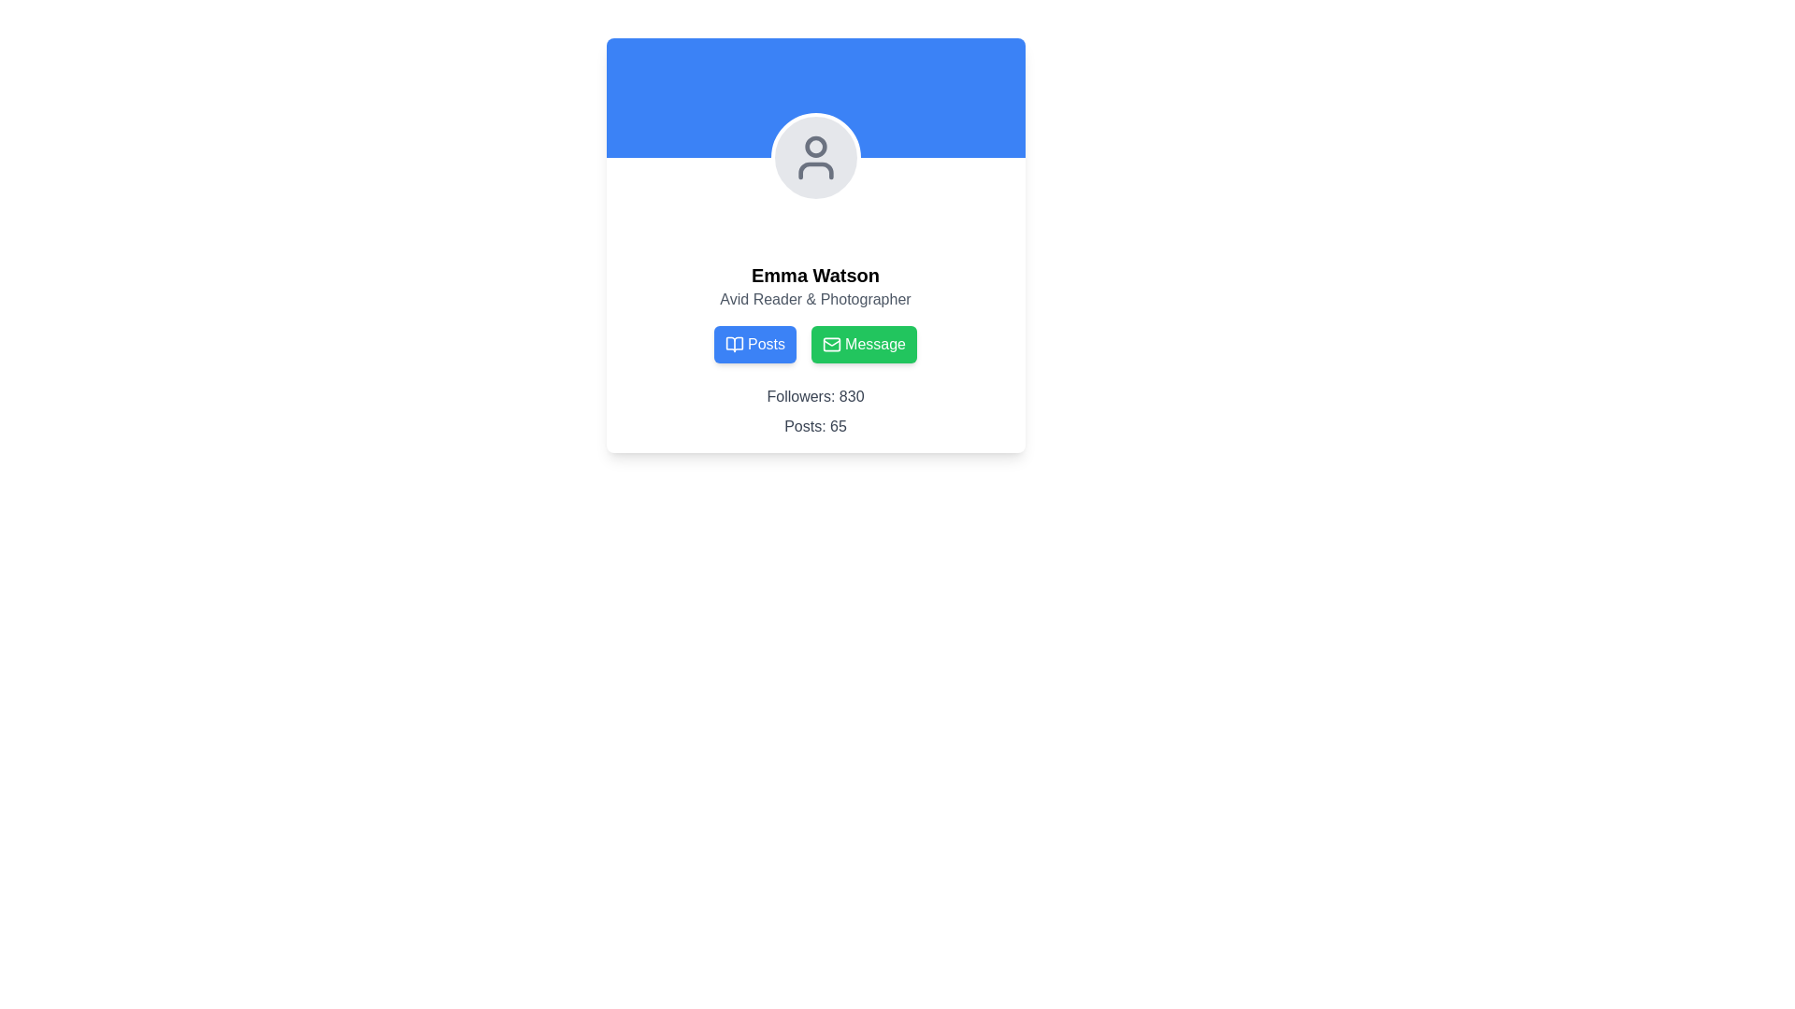 The height and width of the screenshot is (1009, 1795). Describe the element at coordinates (831, 345) in the screenshot. I see `the SVG Icon resembling a mail envelope located on the green button labeled 'Message.'` at that location.